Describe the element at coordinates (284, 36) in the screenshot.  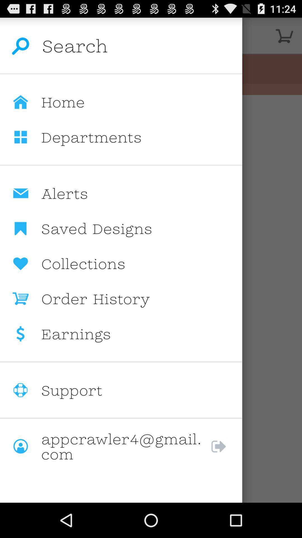
I see `the image on the top right corner` at that location.